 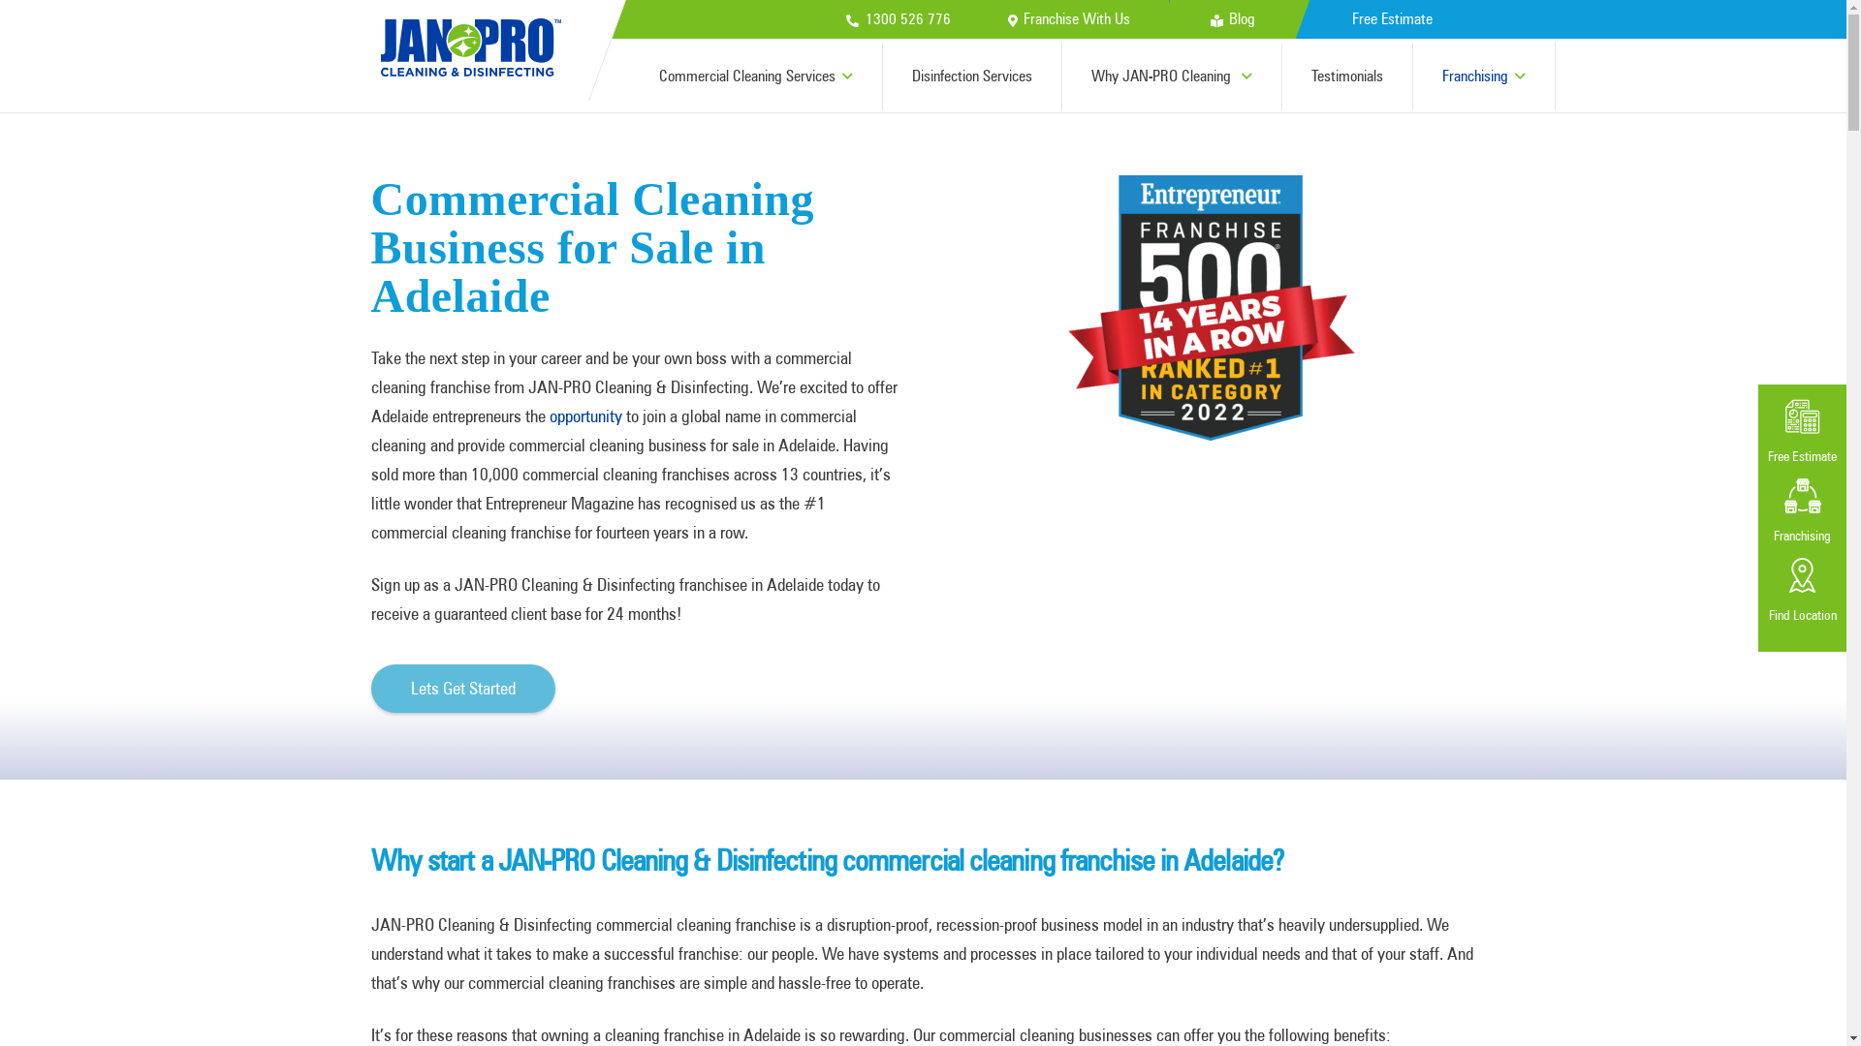 I want to click on 'Blog', so click(x=1209, y=18).